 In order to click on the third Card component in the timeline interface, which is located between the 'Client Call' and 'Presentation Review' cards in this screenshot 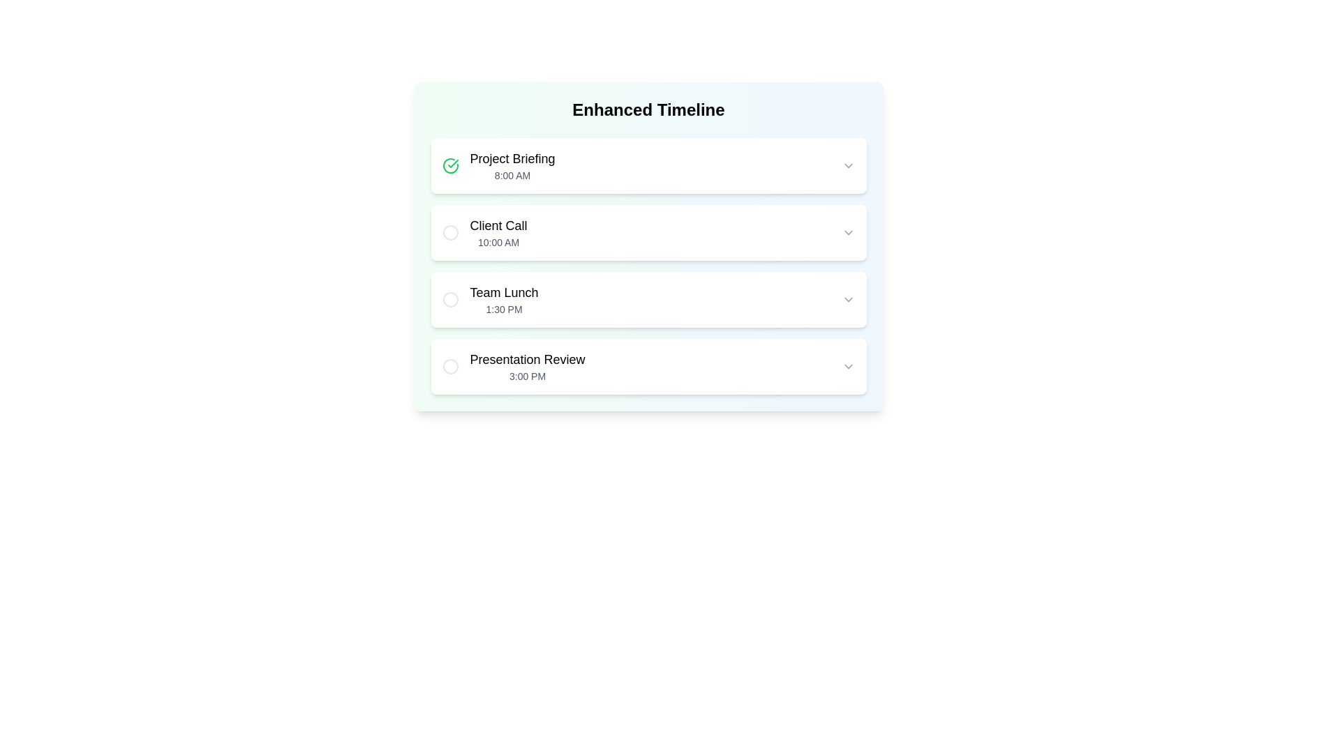, I will do `click(648, 298)`.